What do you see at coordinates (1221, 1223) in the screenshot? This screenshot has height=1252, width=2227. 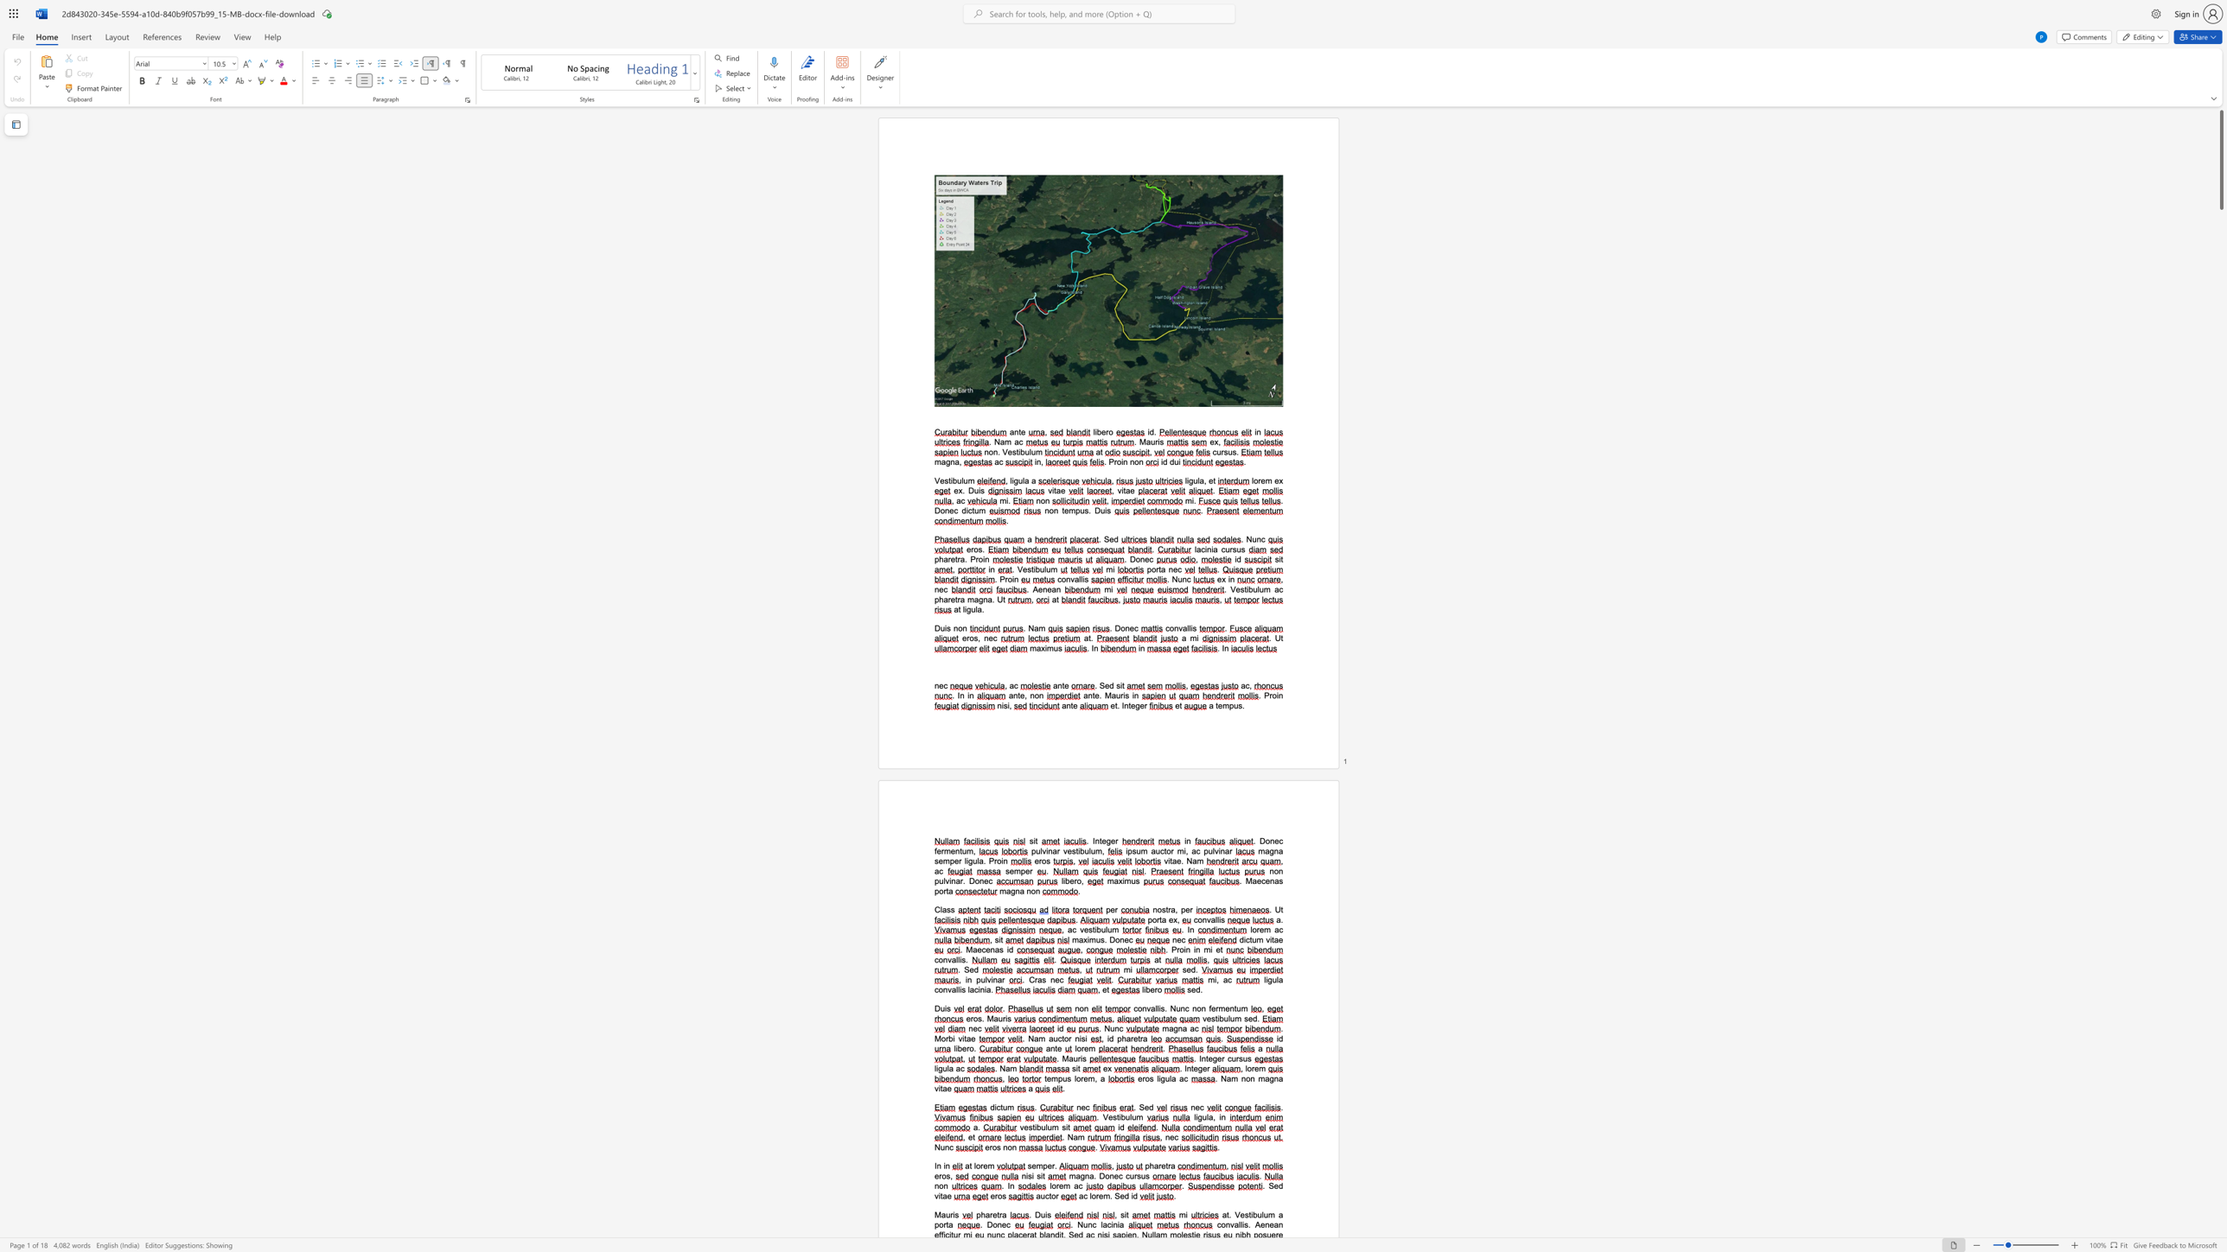 I see `the space between the continuous character "c" and "o" in the text` at bounding box center [1221, 1223].